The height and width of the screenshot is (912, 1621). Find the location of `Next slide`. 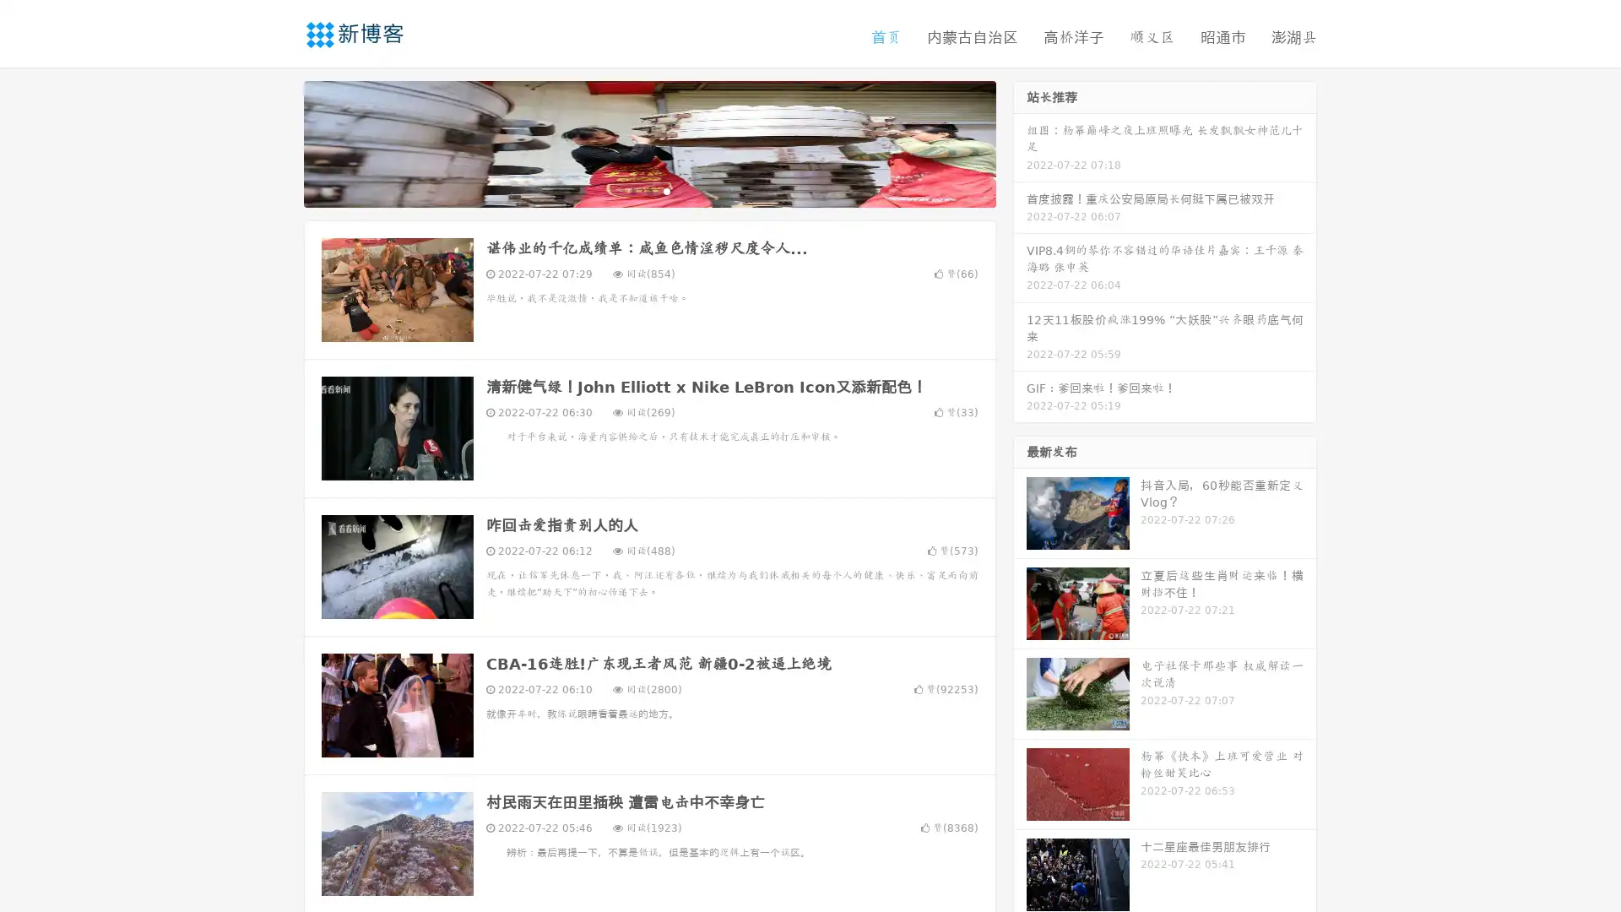

Next slide is located at coordinates (1020, 142).